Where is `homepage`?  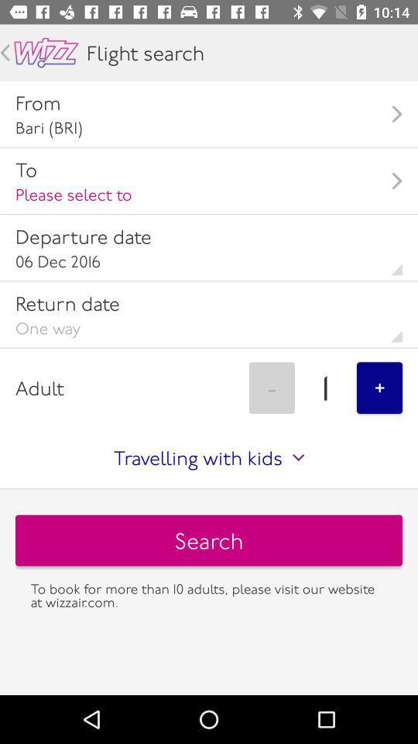
homepage is located at coordinates (46, 53).